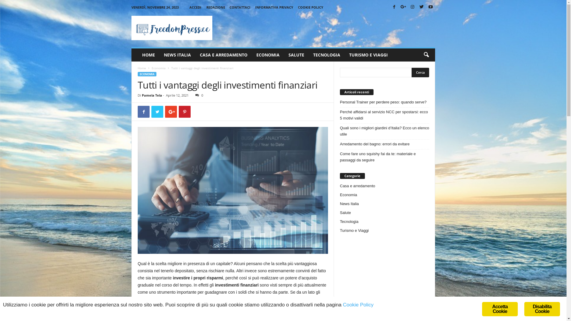 The width and height of the screenshot is (571, 321). I want to click on 'TECNOLOGIA', so click(326, 55).